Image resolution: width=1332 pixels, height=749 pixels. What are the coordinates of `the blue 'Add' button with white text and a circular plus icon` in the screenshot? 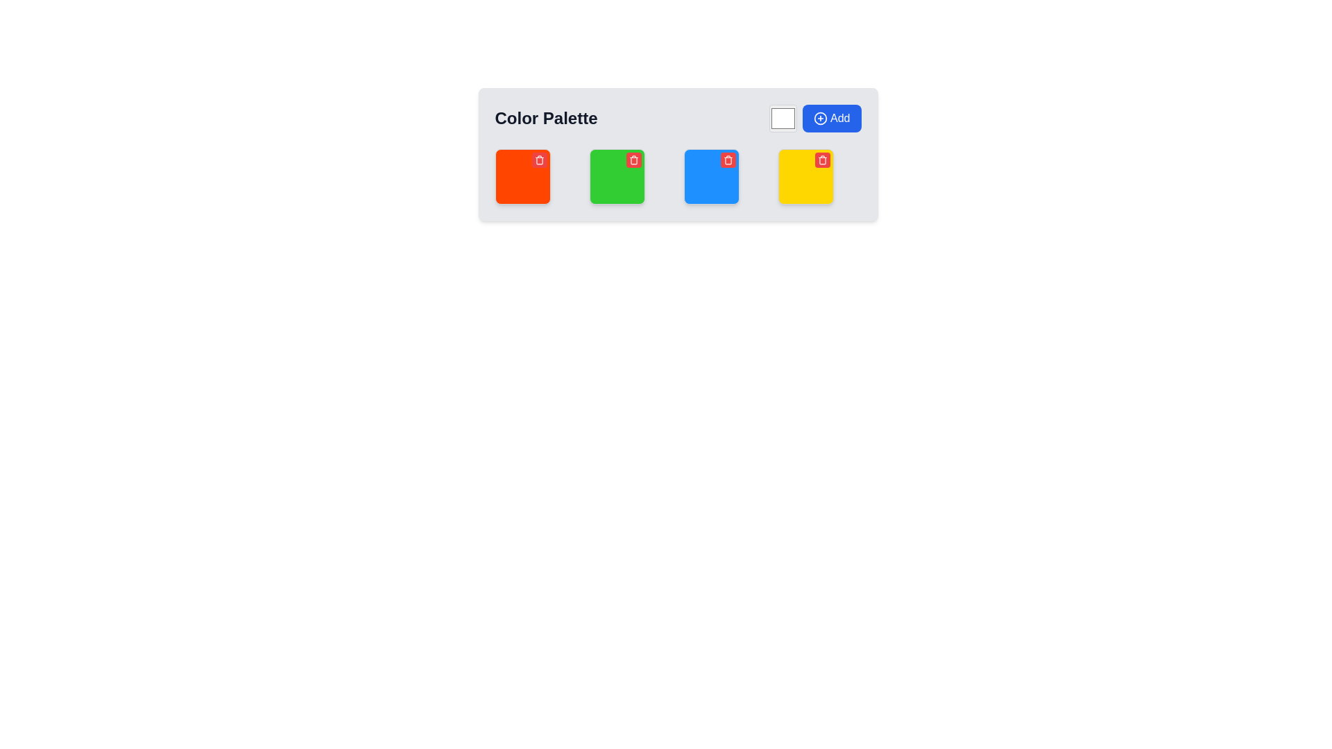 It's located at (832, 117).